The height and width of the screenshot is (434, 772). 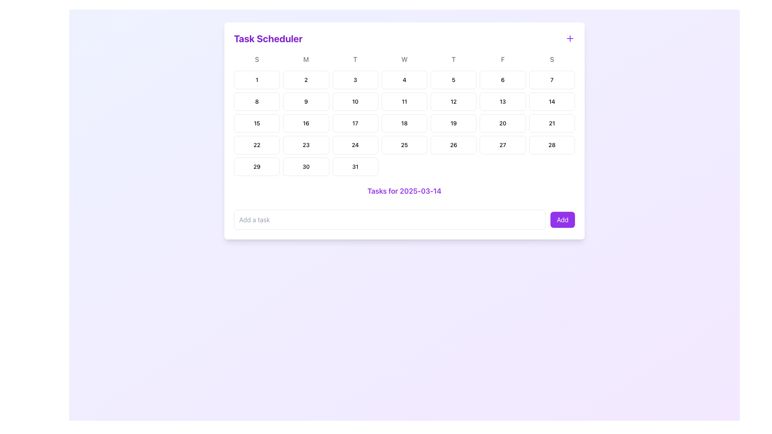 What do you see at coordinates (551, 80) in the screenshot?
I see `the rounded rectangular button labeled '7'` at bounding box center [551, 80].